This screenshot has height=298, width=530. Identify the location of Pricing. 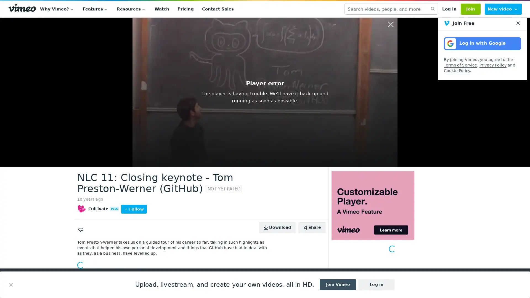
(185, 9).